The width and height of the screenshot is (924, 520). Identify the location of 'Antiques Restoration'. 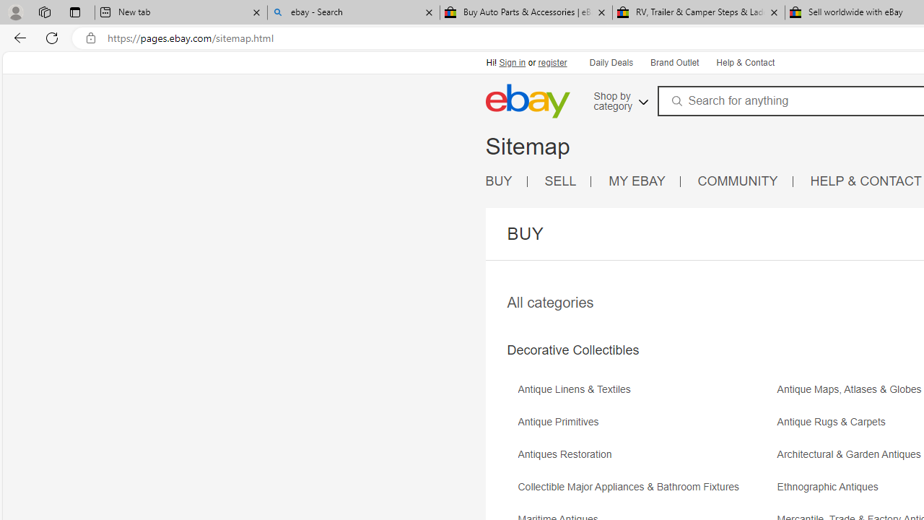
(567, 454).